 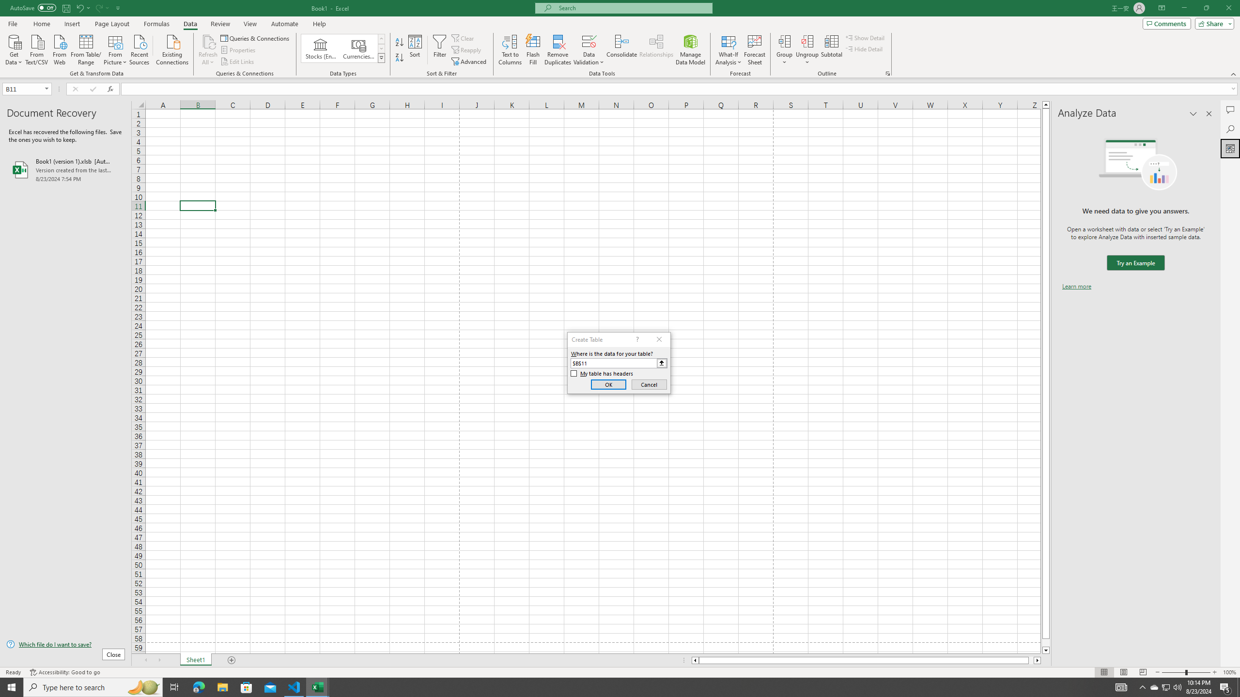 What do you see at coordinates (656, 50) in the screenshot?
I see `'Relationships'` at bounding box center [656, 50].